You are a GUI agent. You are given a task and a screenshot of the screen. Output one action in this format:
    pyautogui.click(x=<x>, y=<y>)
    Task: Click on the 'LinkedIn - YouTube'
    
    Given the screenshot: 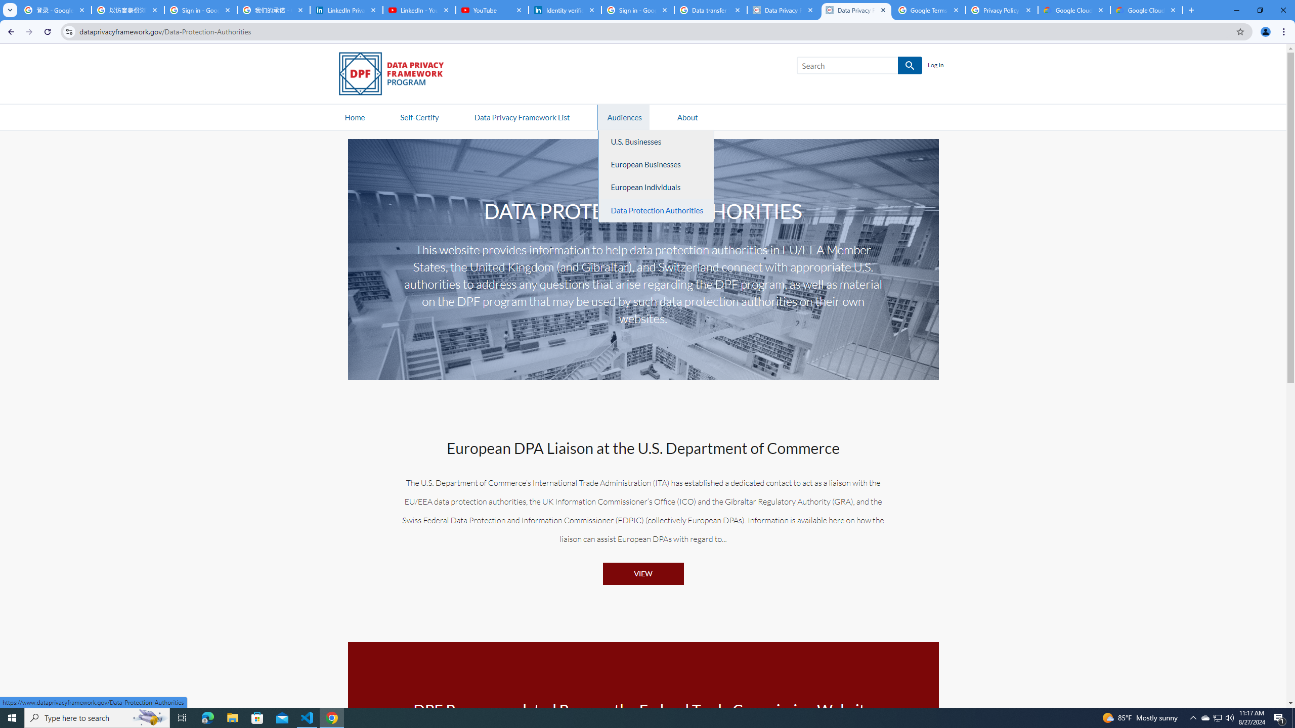 What is the action you would take?
    pyautogui.click(x=418, y=10)
    